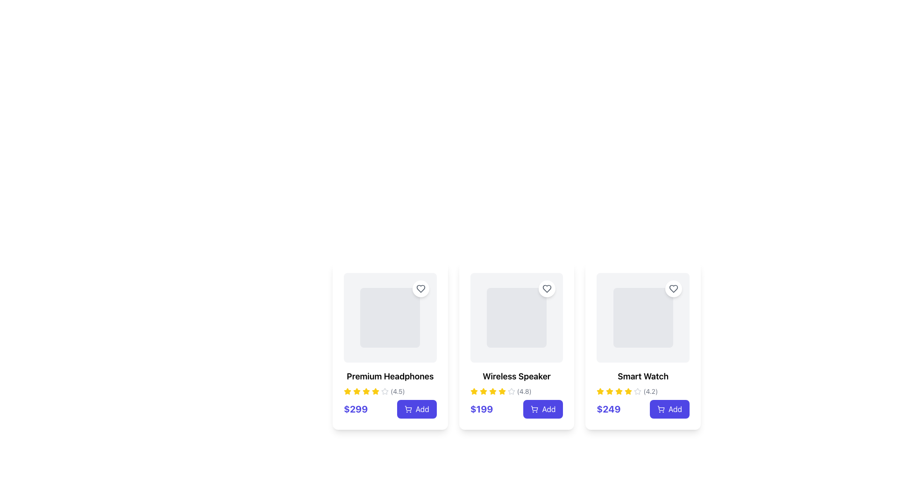 The image size is (897, 504). Describe the element at coordinates (501, 391) in the screenshot. I see `the fifth star icon in the rating system for the 'Wireless Speaker' product card, which is styled with a yellow fill and black outline, located underneath the main image and title` at that location.